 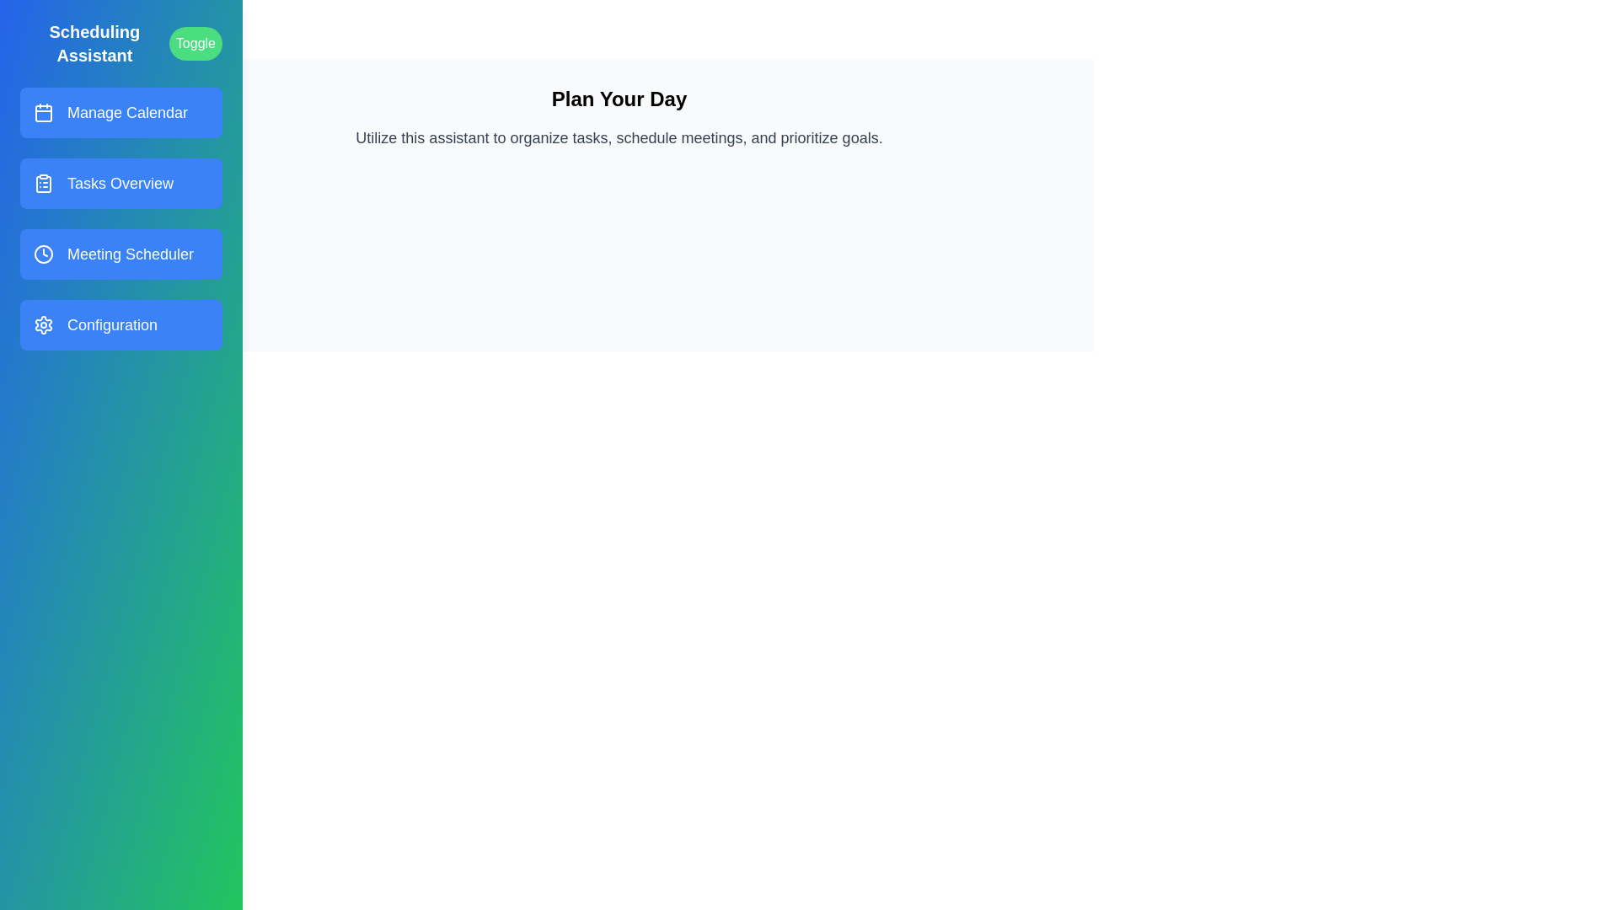 What do you see at coordinates (121, 184) in the screenshot?
I see `the menu item corresponding to Tasks Overview` at bounding box center [121, 184].